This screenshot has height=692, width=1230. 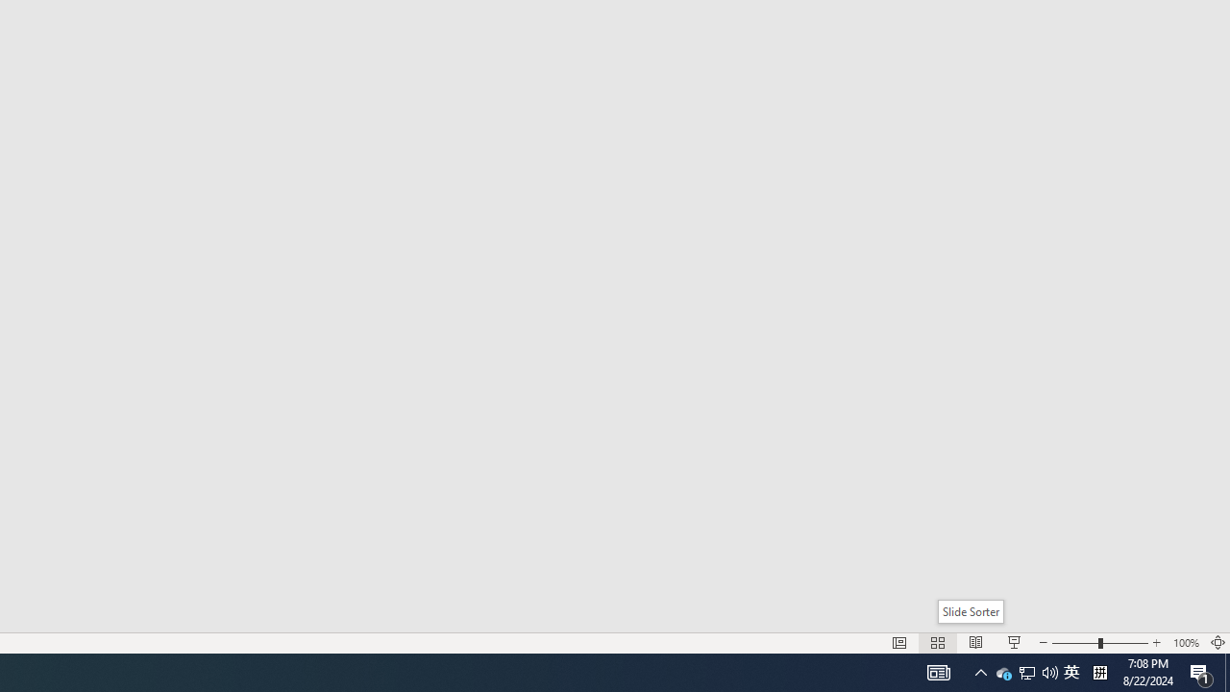 I want to click on 'Reading View', so click(x=975, y=643).